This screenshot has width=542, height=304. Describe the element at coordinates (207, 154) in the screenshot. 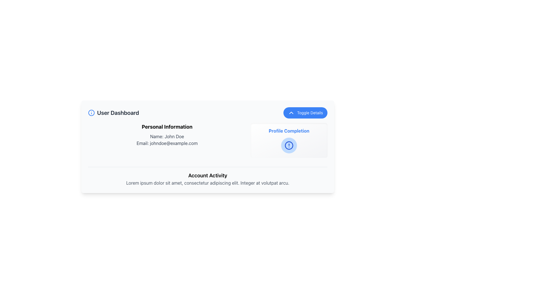

I see `the Information Panel that summarizes user details like name and email on the User Dashboard interface` at that location.